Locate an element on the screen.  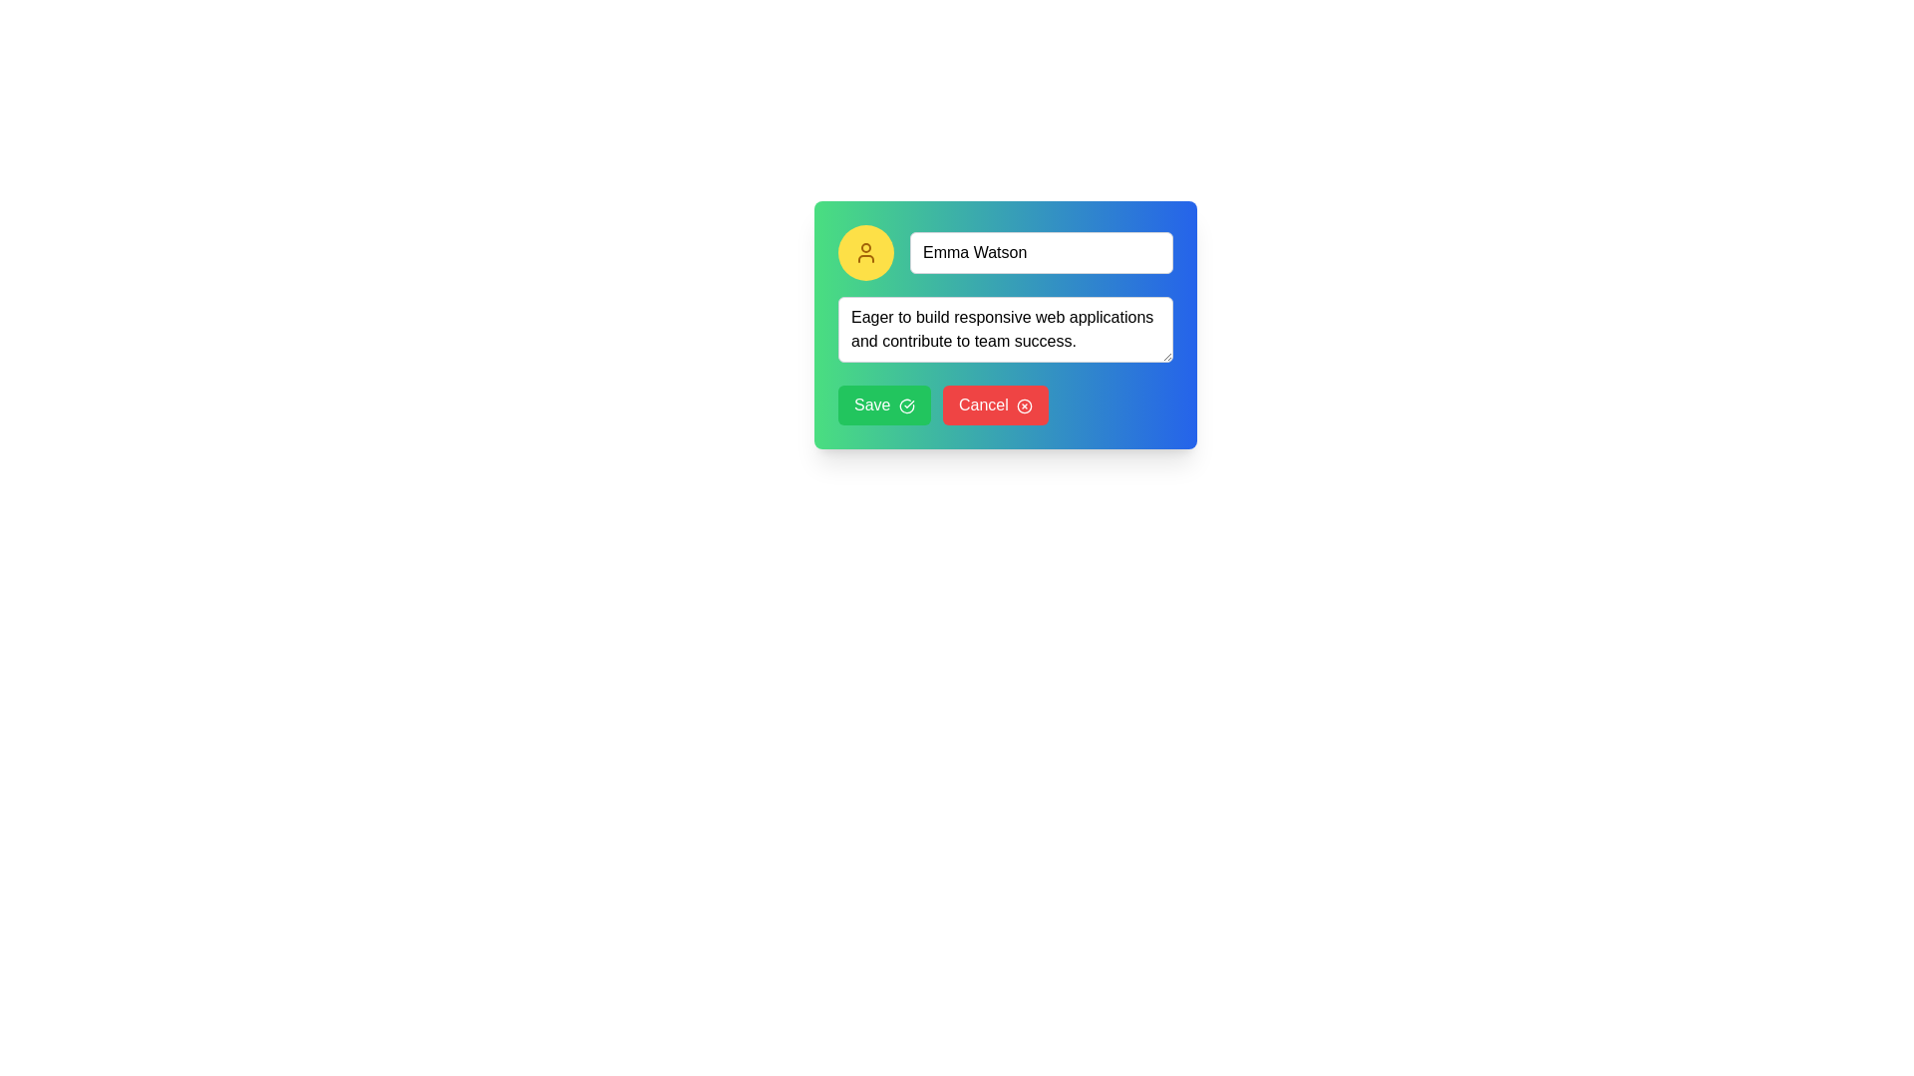
the circular graphic element that serves as the base of the 'cancel' button, which is red and located at the bottom-right of the user details form is located at coordinates (1025, 404).